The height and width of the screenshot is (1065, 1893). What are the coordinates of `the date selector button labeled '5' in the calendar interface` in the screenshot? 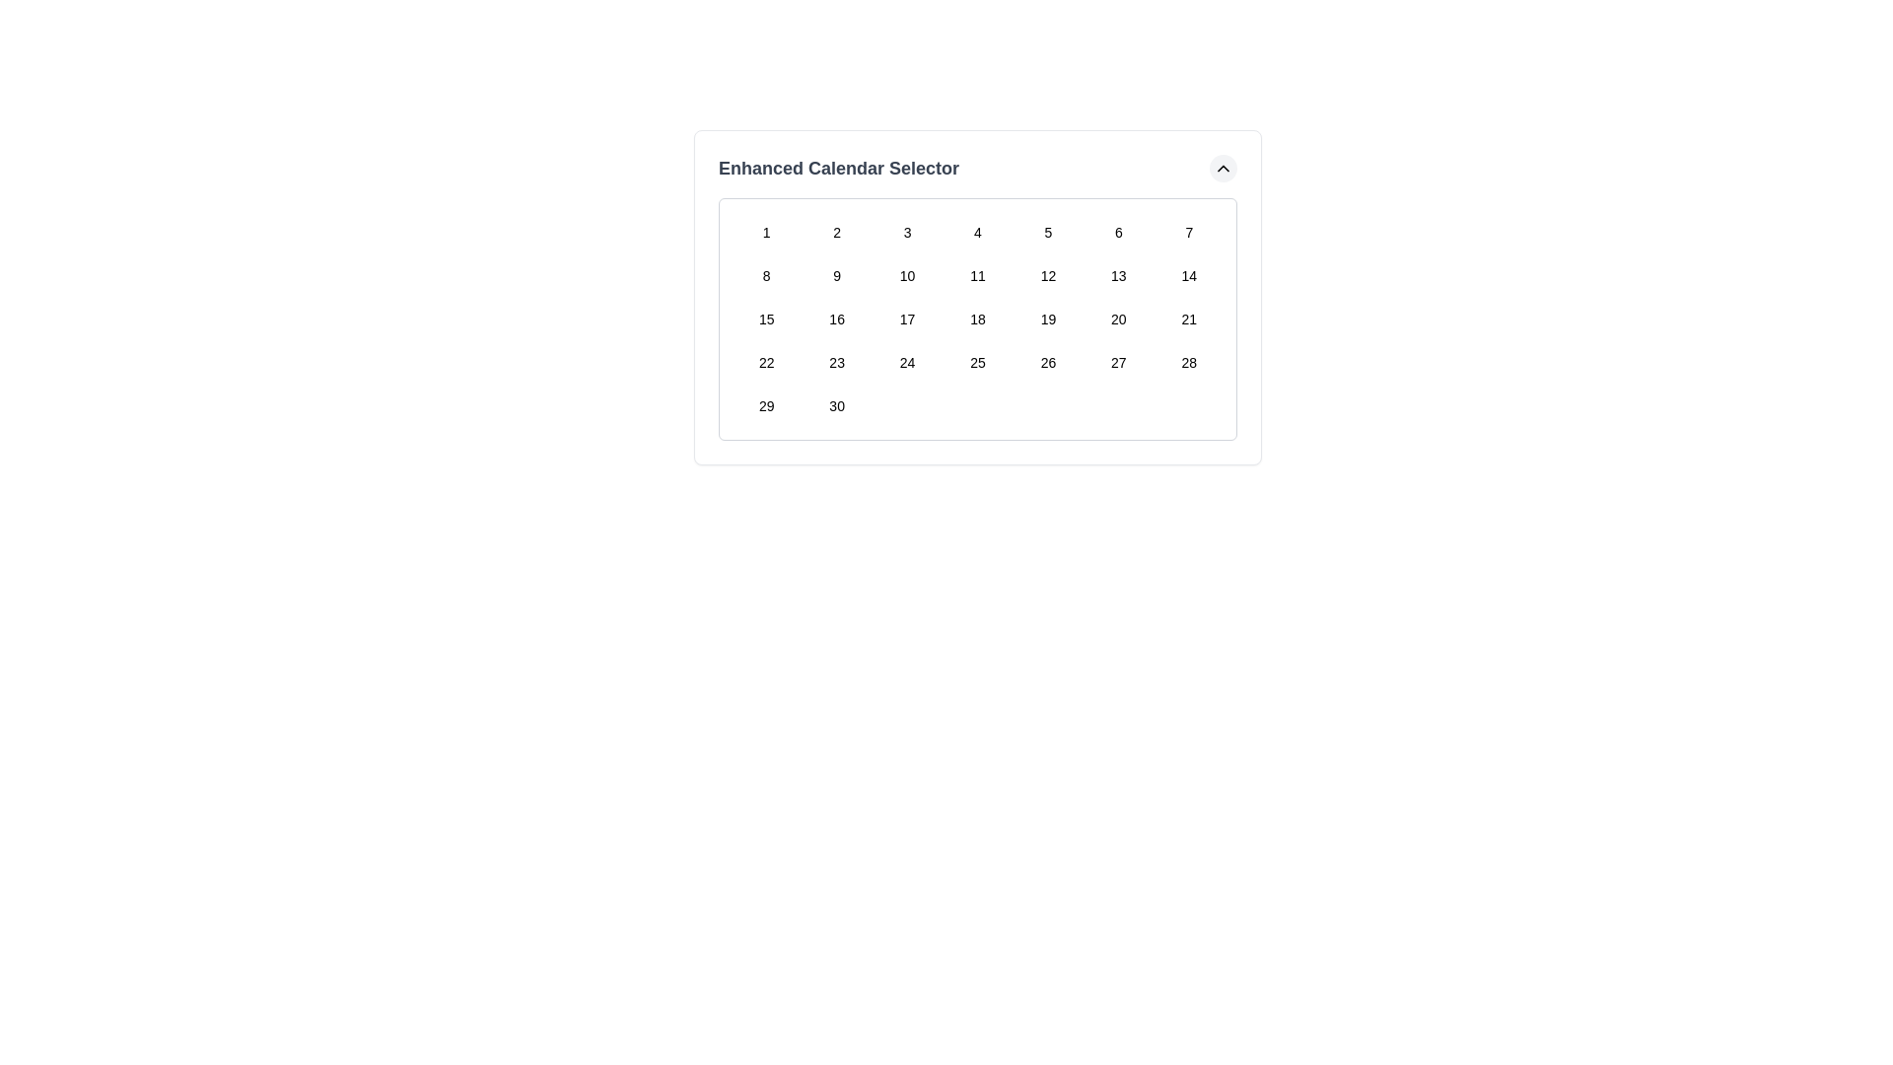 It's located at (1047, 231).